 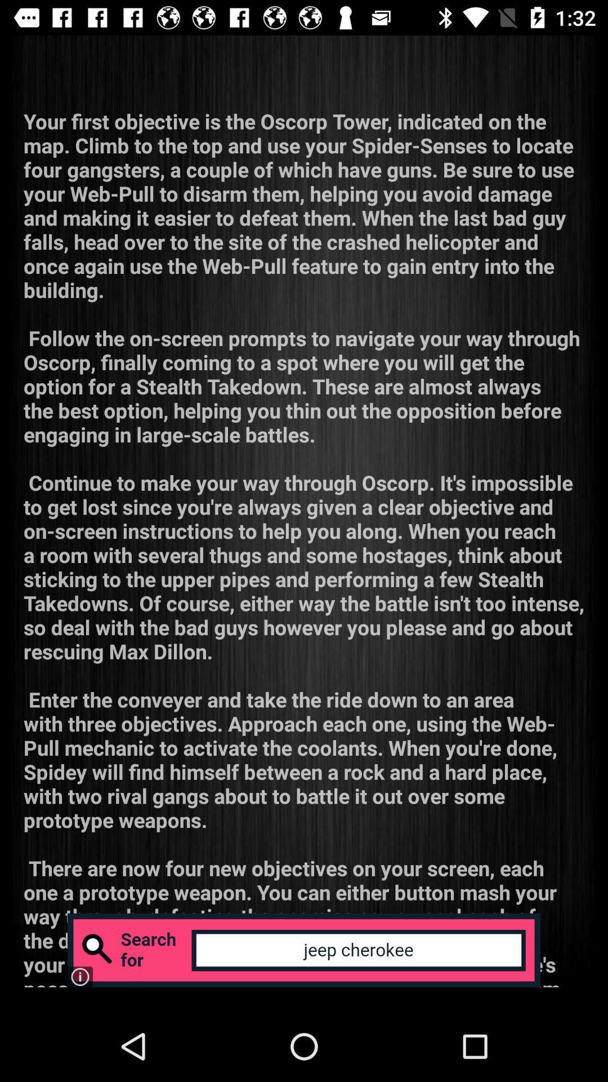 What do you see at coordinates (304, 950) in the screenshot?
I see `search option` at bounding box center [304, 950].